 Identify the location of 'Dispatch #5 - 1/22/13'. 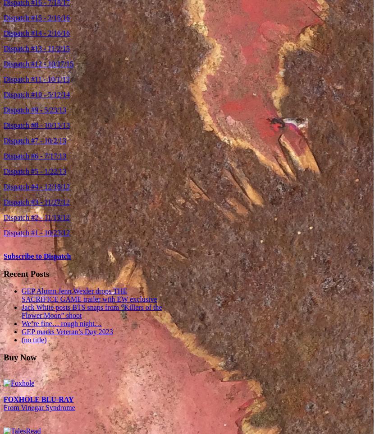
(34, 171).